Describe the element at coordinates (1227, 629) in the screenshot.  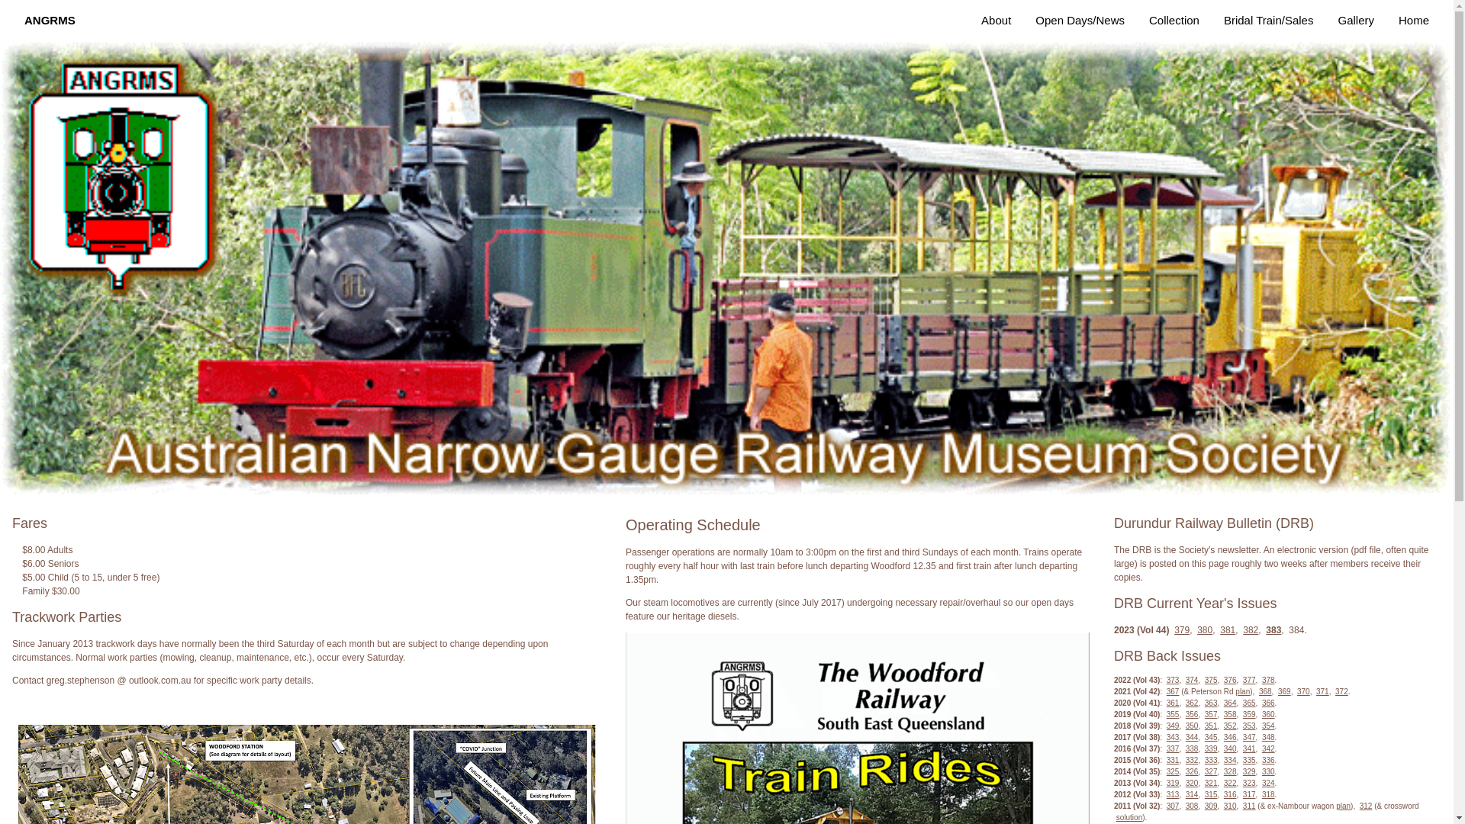
I see `'381'` at that location.